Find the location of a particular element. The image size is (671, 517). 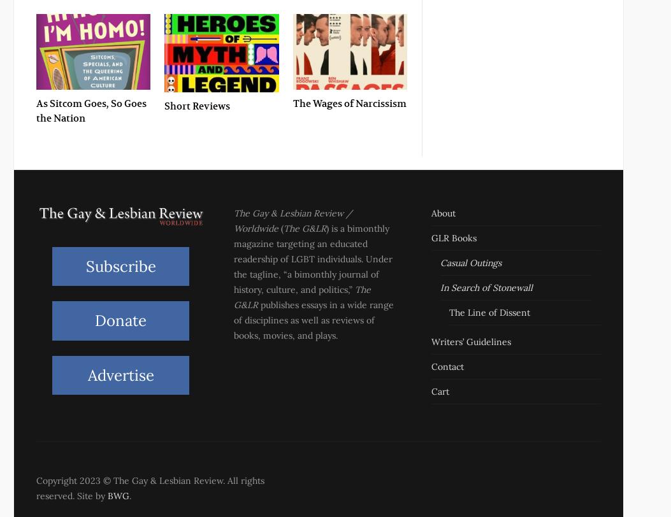

'Copyright 2023' is located at coordinates (69, 480).